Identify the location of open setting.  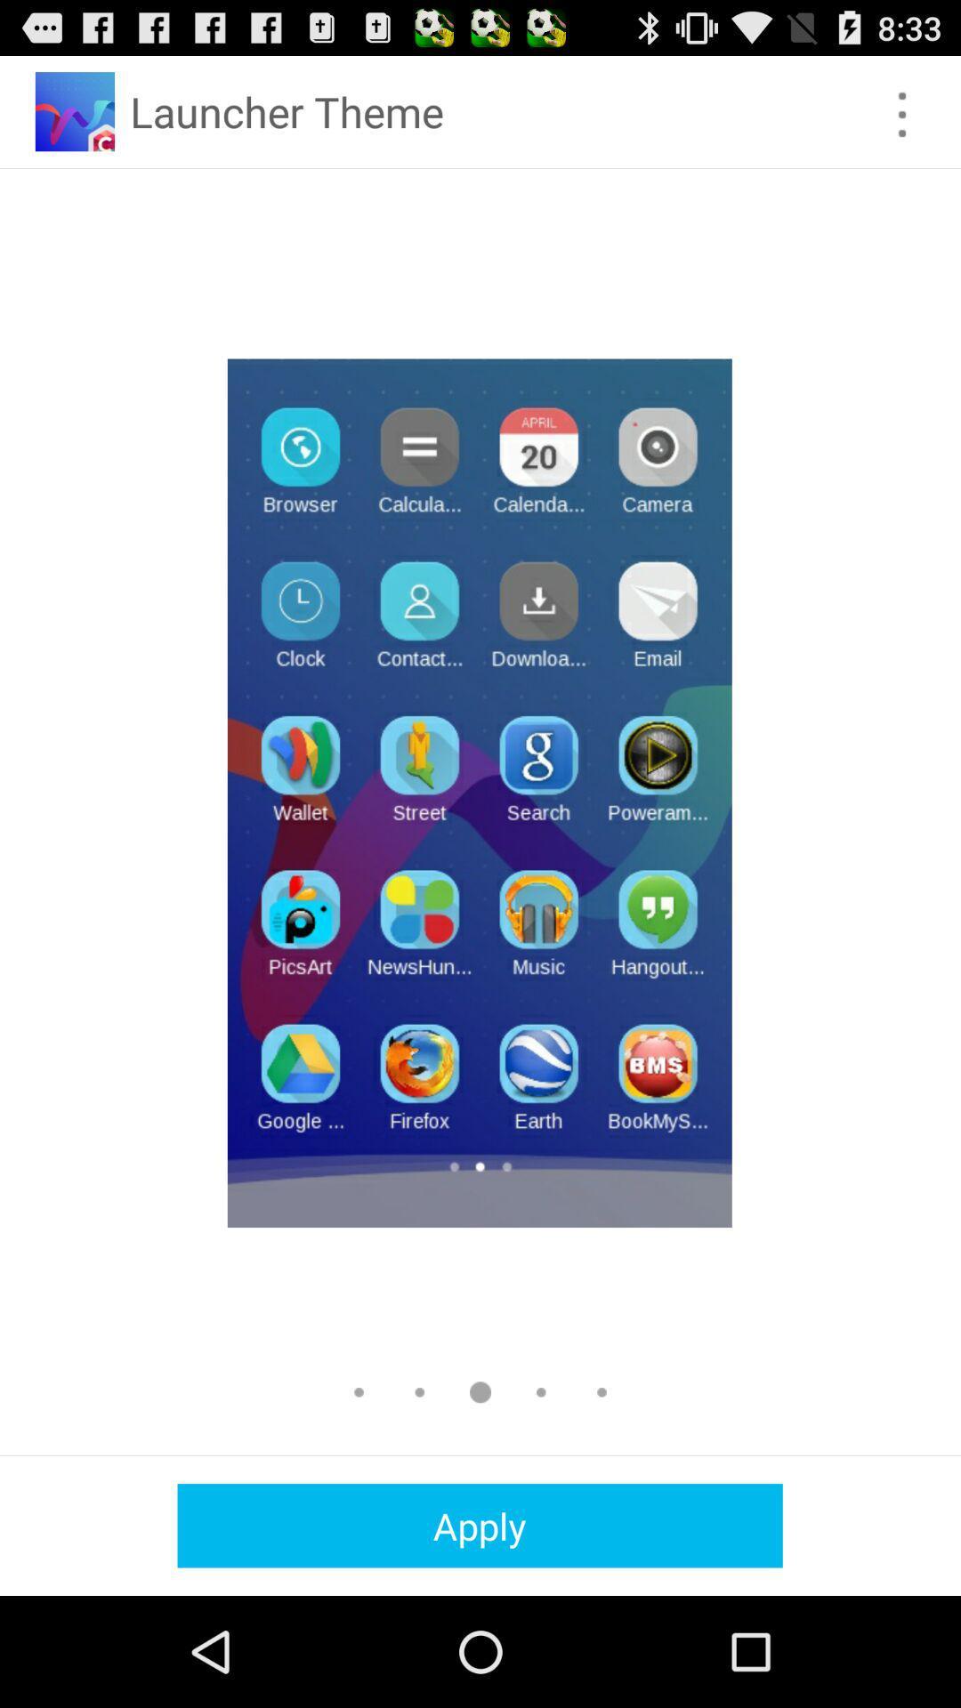
(902, 114).